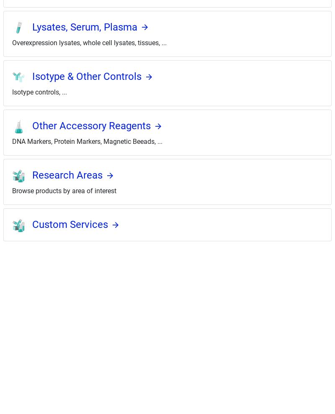 This screenshot has height=414, width=335. What do you see at coordinates (16, 324) in the screenshot?
I see `'CE2 Antibodies'` at bounding box center [16, 324].